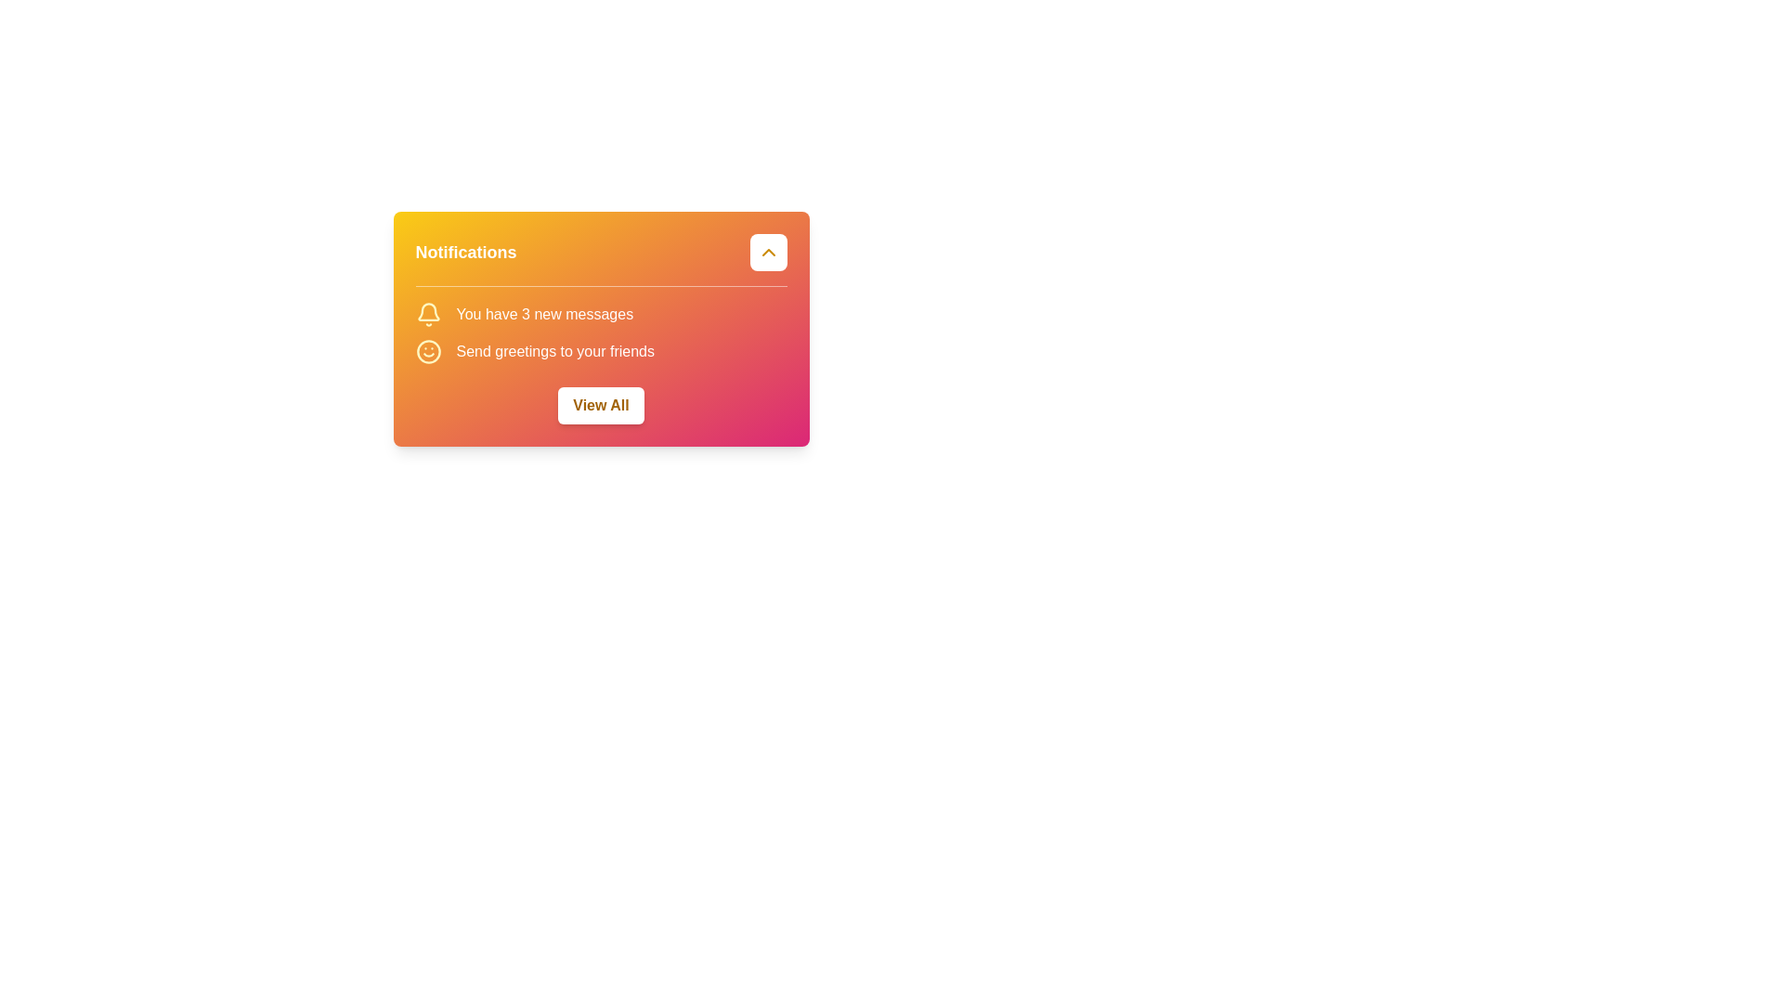  Describe the element at coordinates (601, 314) in the screenshot. I see `informational text indicating that the user has received new messages, which is the first item in the vertically stacked list group inside the notification card, located directly below the header of the card` at that location.